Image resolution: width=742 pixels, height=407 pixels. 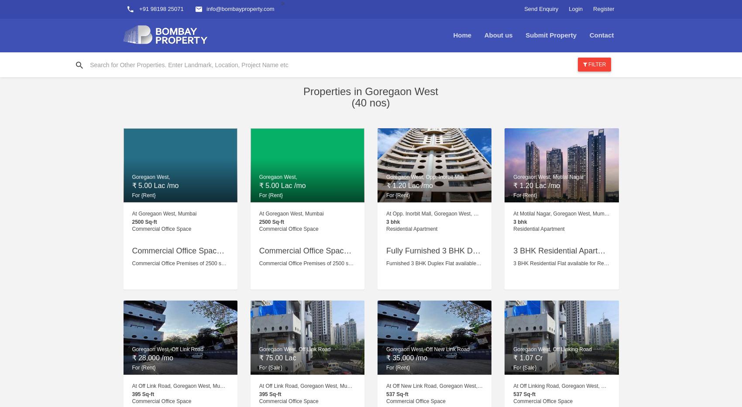 What do you see at coordinates (461, 34) in the screenshot?
I see `'Home'` at bounding box center [461, 34].